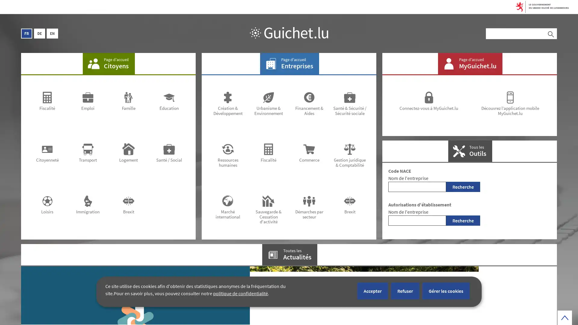 The width and height of the screenshot is (578, 325). I want to click on Accepter, so click(372, 291).